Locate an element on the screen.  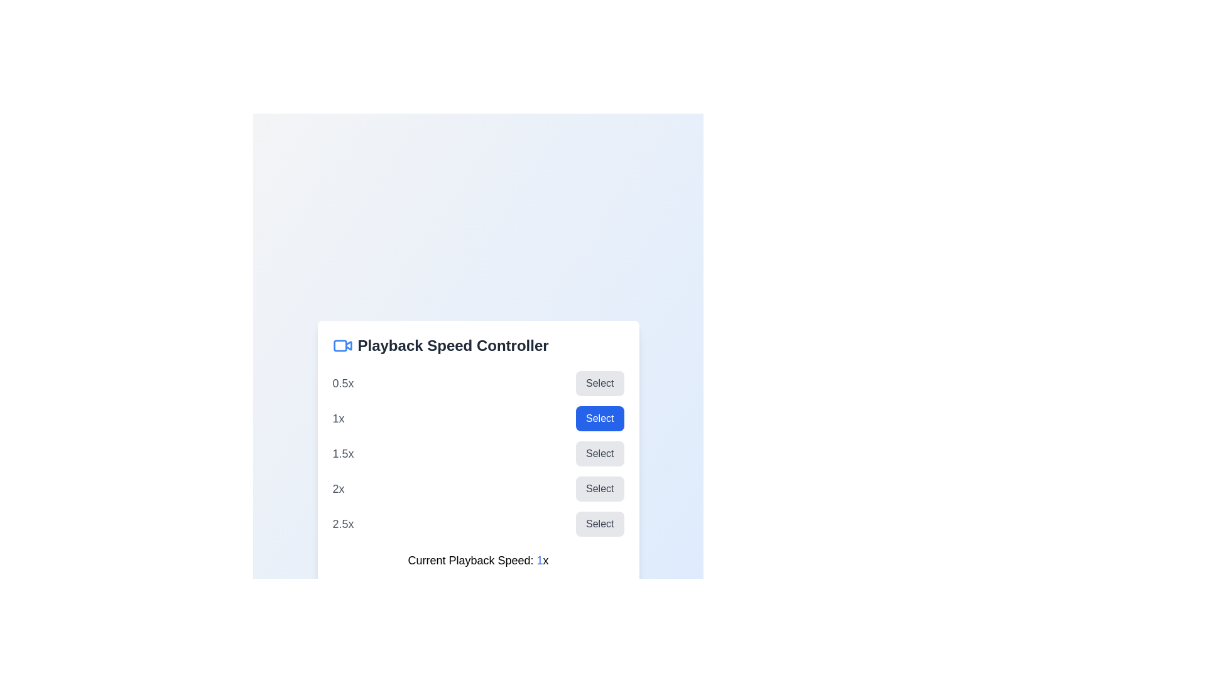
the 'Select' button to choose the '2x' speed setting from the playback speed options in the modal interface is located at coordinates (477, 488).